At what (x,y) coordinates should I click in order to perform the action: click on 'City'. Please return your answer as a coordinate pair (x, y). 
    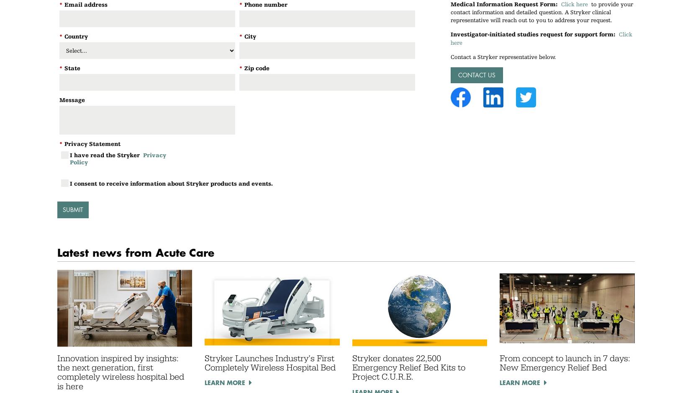
    Looking at the image, I should click on (244, 36).